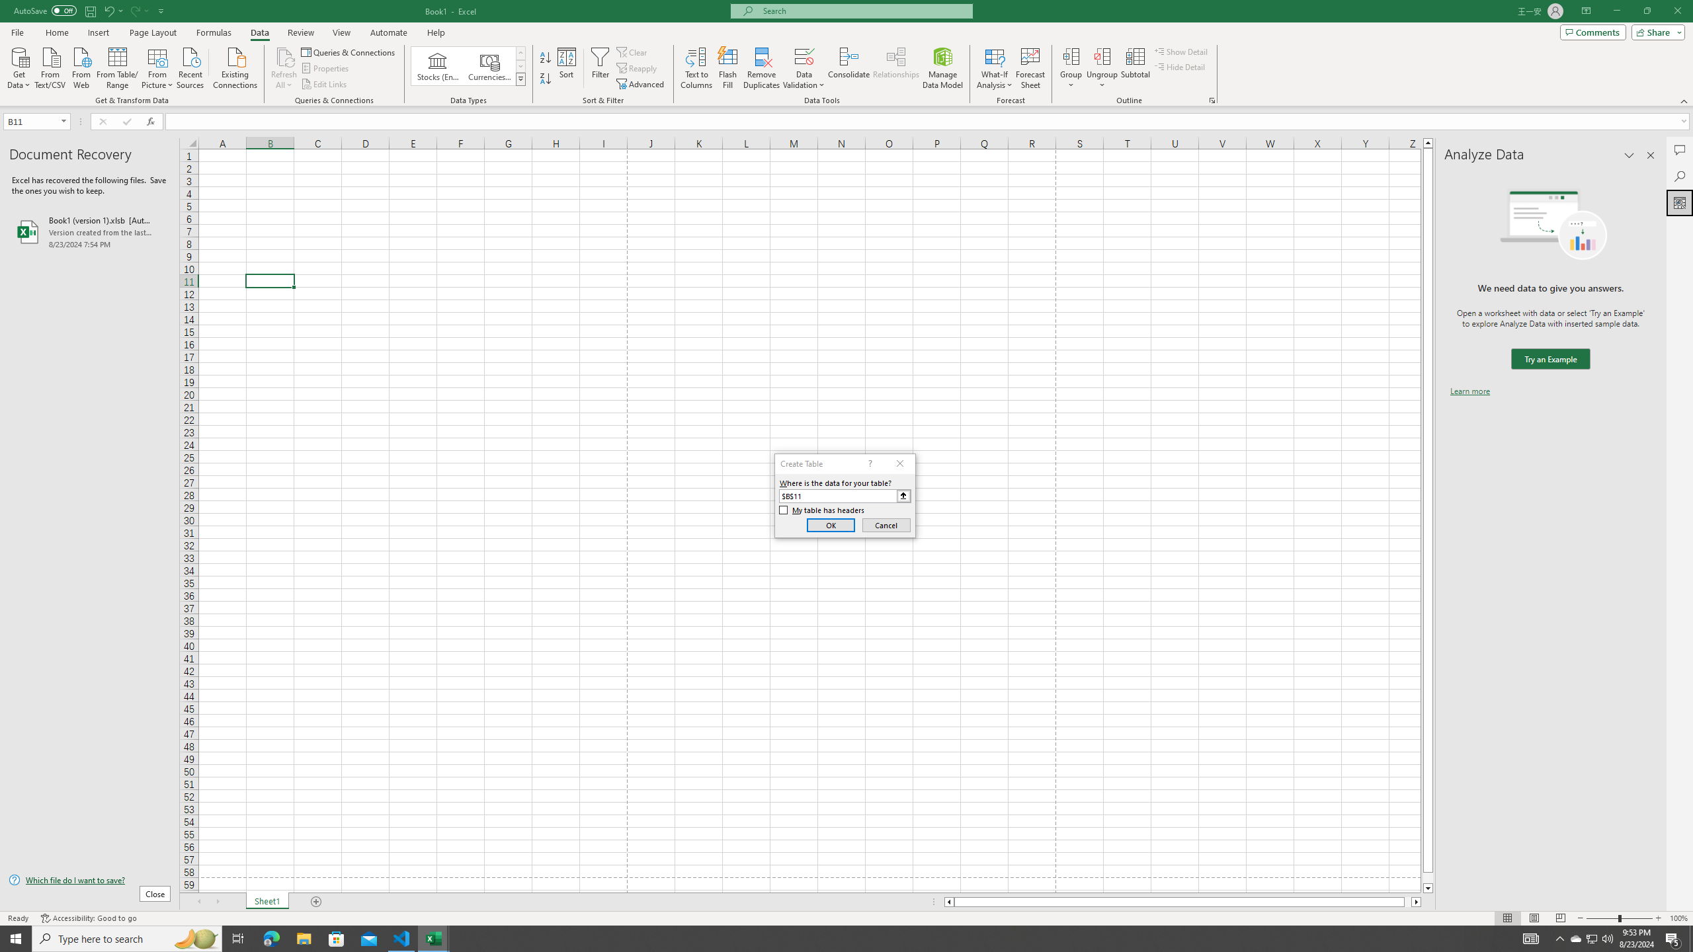  Describe the element at coordinates (1684, 101) in the screenshot. I see `'Collapse the Ribbon'` at that location.